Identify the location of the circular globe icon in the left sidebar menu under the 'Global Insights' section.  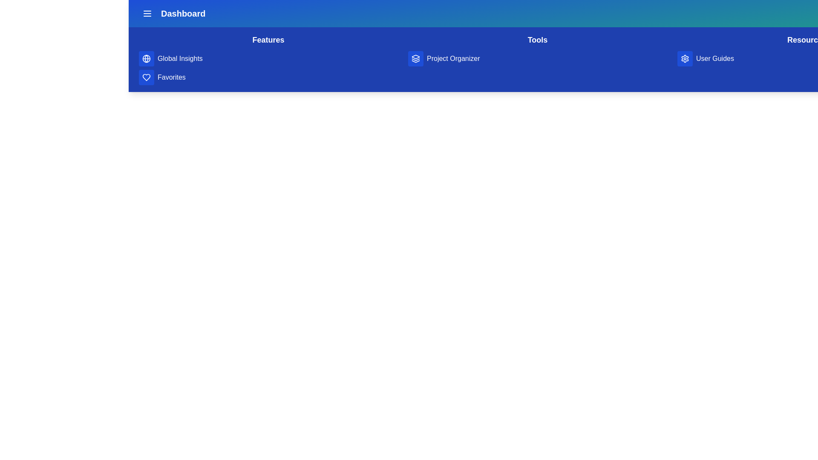
(147, 58).